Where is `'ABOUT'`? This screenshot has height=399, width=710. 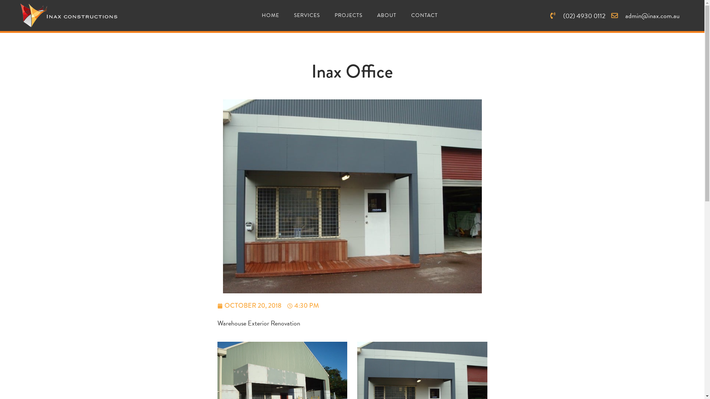
'ABOUT' is located at coordinates (386, 16).